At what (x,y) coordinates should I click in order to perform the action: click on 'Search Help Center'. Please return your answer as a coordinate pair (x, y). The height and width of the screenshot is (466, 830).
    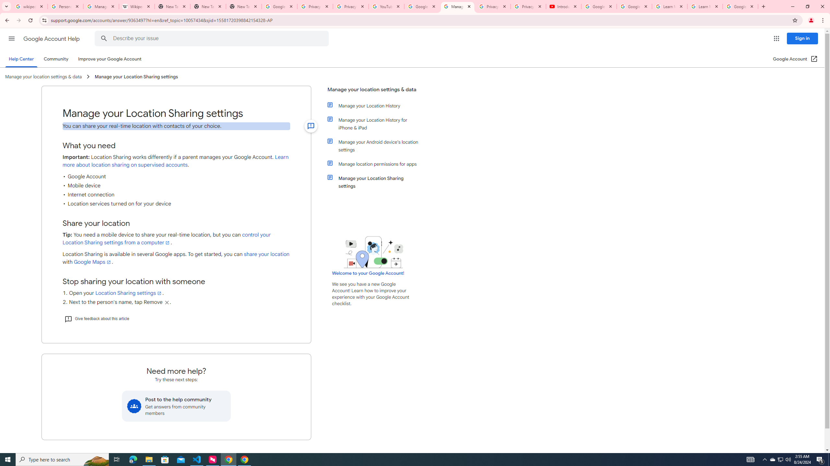
    Looking at the image, I should click on (103, 38).